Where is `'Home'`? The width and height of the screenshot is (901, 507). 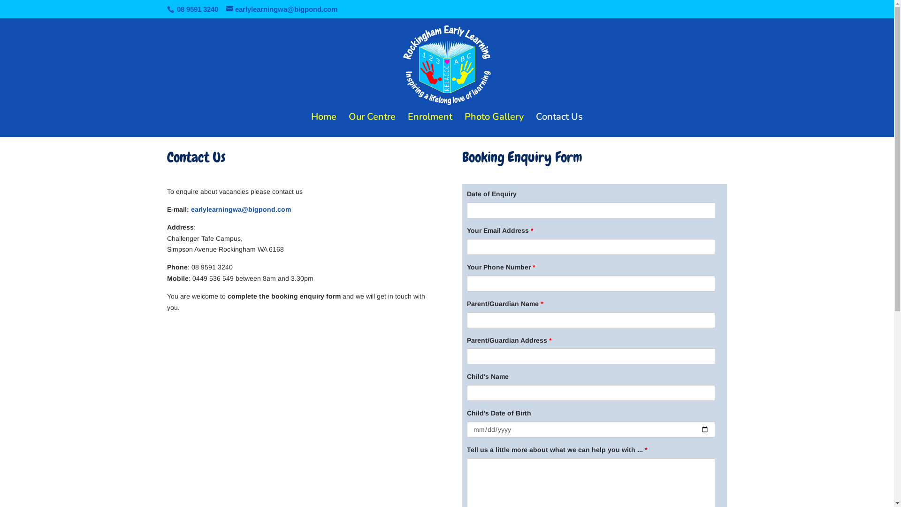 'Home' is located at coordinates (324, 124).